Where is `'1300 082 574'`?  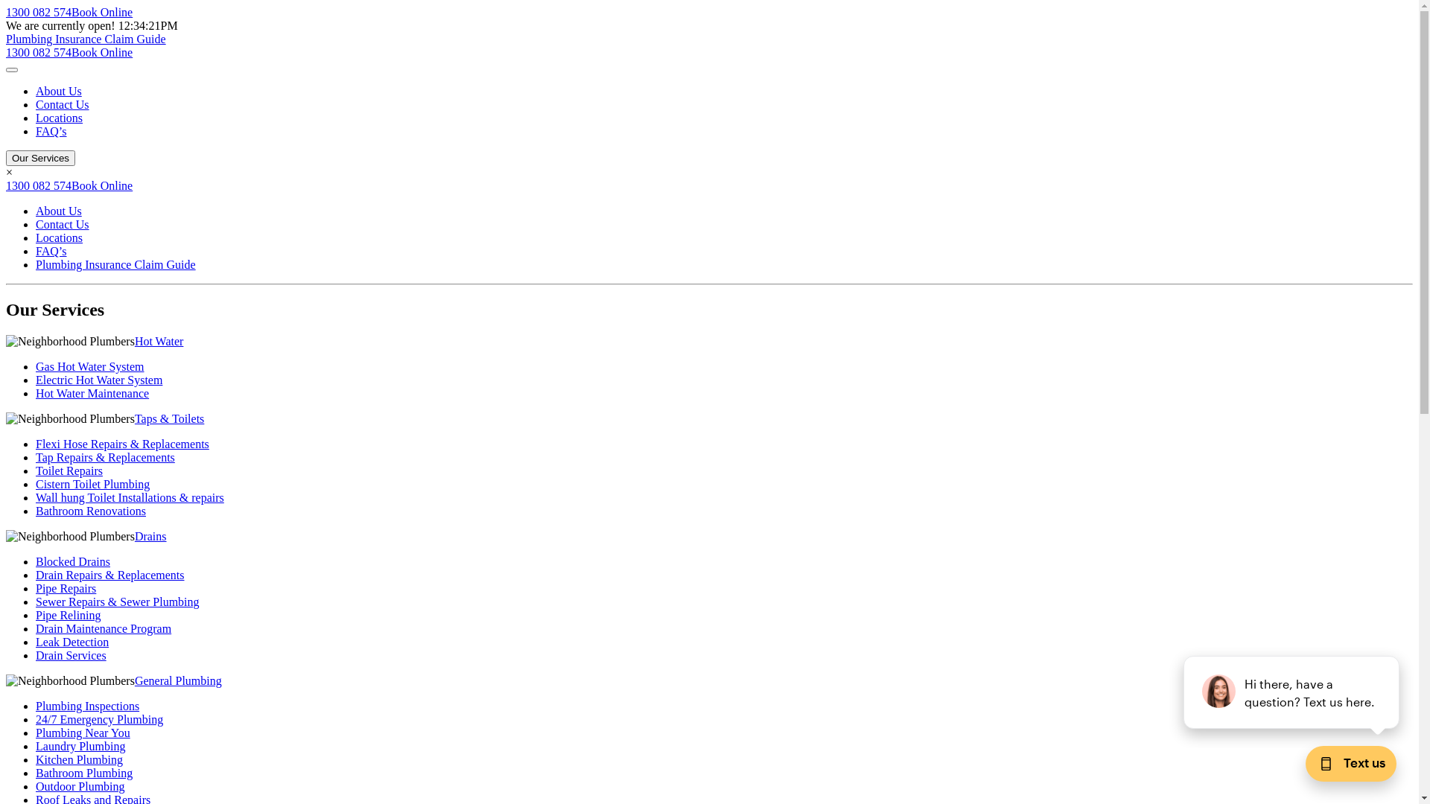 '1300 082 574' is located at coordinates (39, 12).